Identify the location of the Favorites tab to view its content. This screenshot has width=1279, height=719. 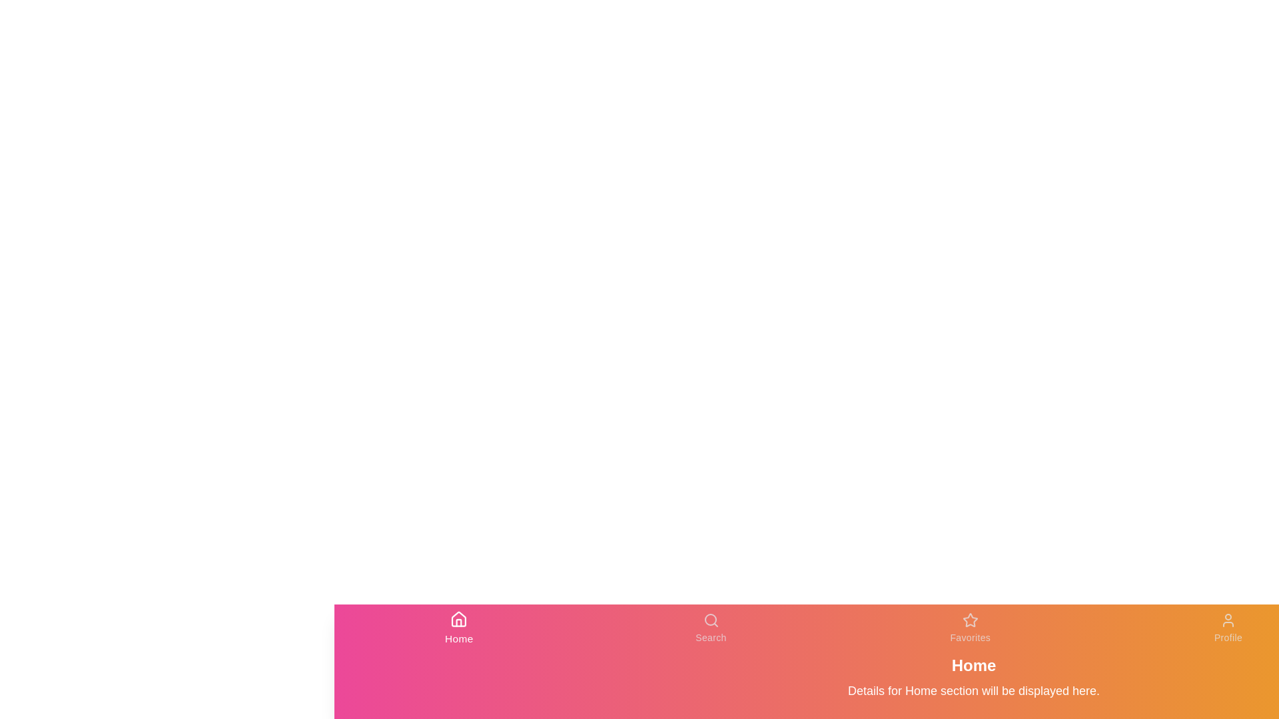
(971, 628).